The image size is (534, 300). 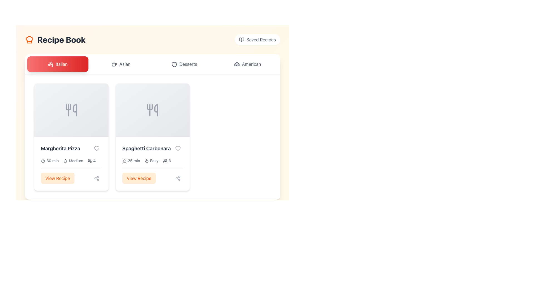 I want to click on the leftmost button in the horizontal menu bar, which has a gradient red background and contains the text 'Italian' with a pizza slice icon, so click(x=58, y=64).